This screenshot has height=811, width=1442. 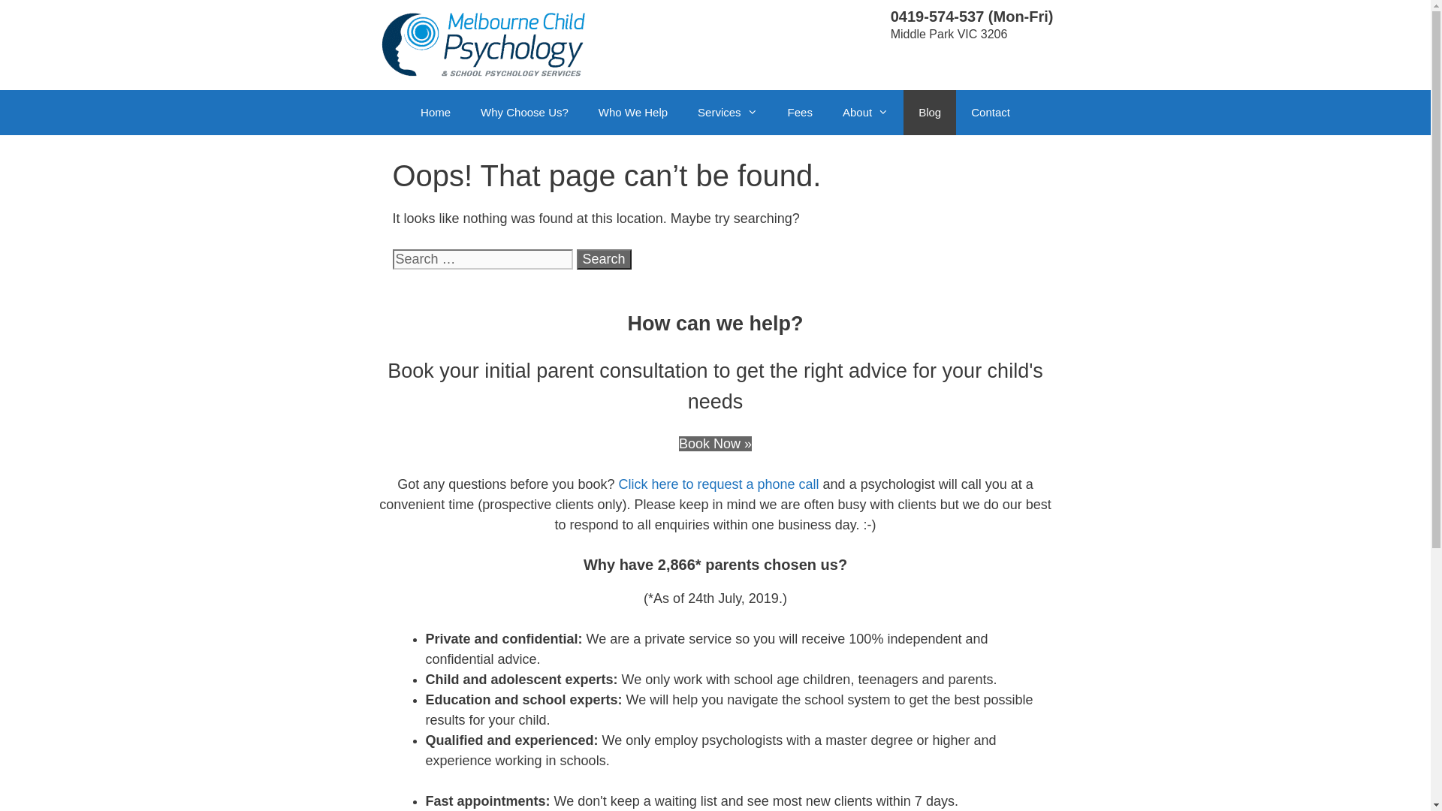 What do you see at coordinates (617, 484) in the screenshot?
I see `'Click here to request a phone call'` at bounding box center [617, 484].